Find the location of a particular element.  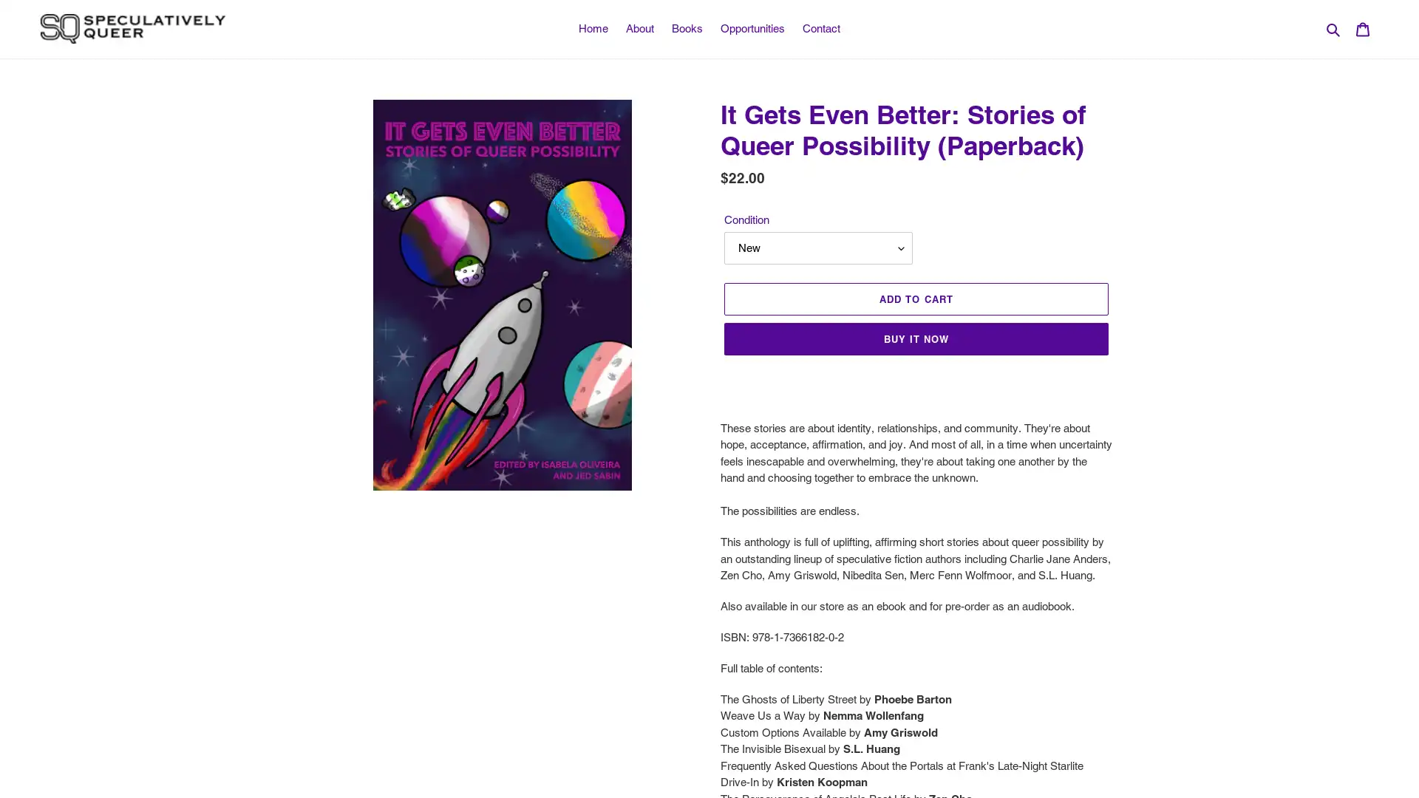

Search is located at coordinates (1334, 28).